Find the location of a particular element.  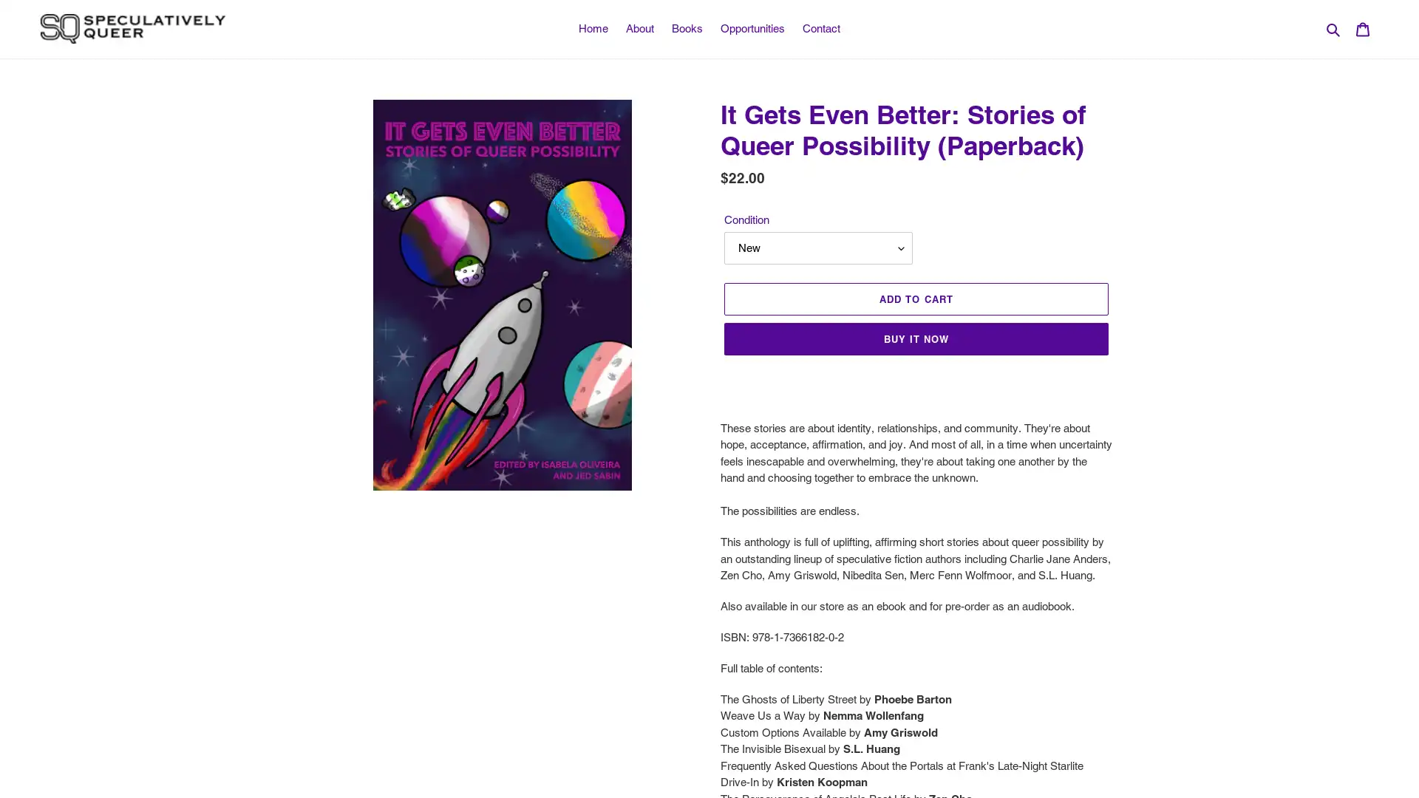

Search is located at coordinates (1334, 28).